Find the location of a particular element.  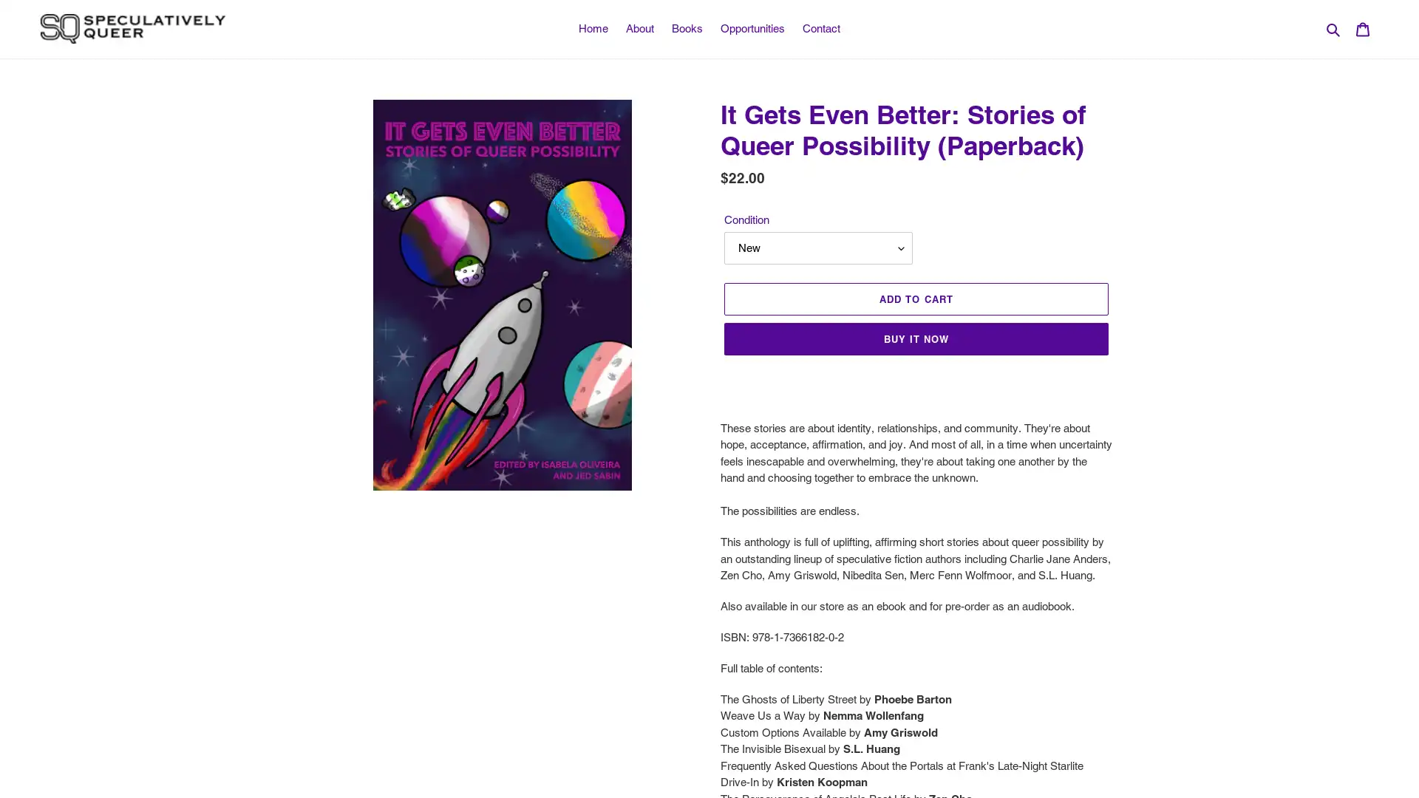

Search is located at coordinates (1334, 28).